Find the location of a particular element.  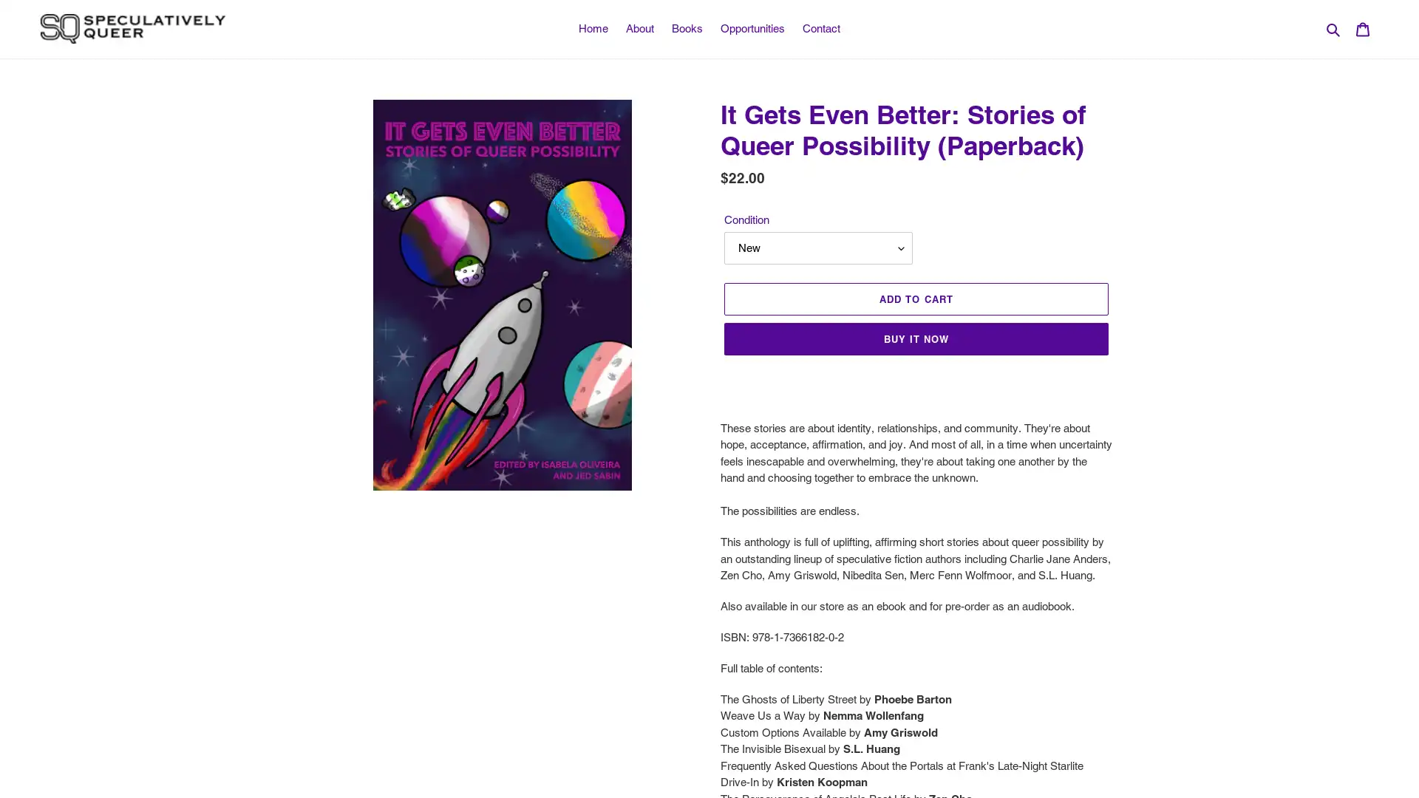

Search is located at coordinates (1334, 28).